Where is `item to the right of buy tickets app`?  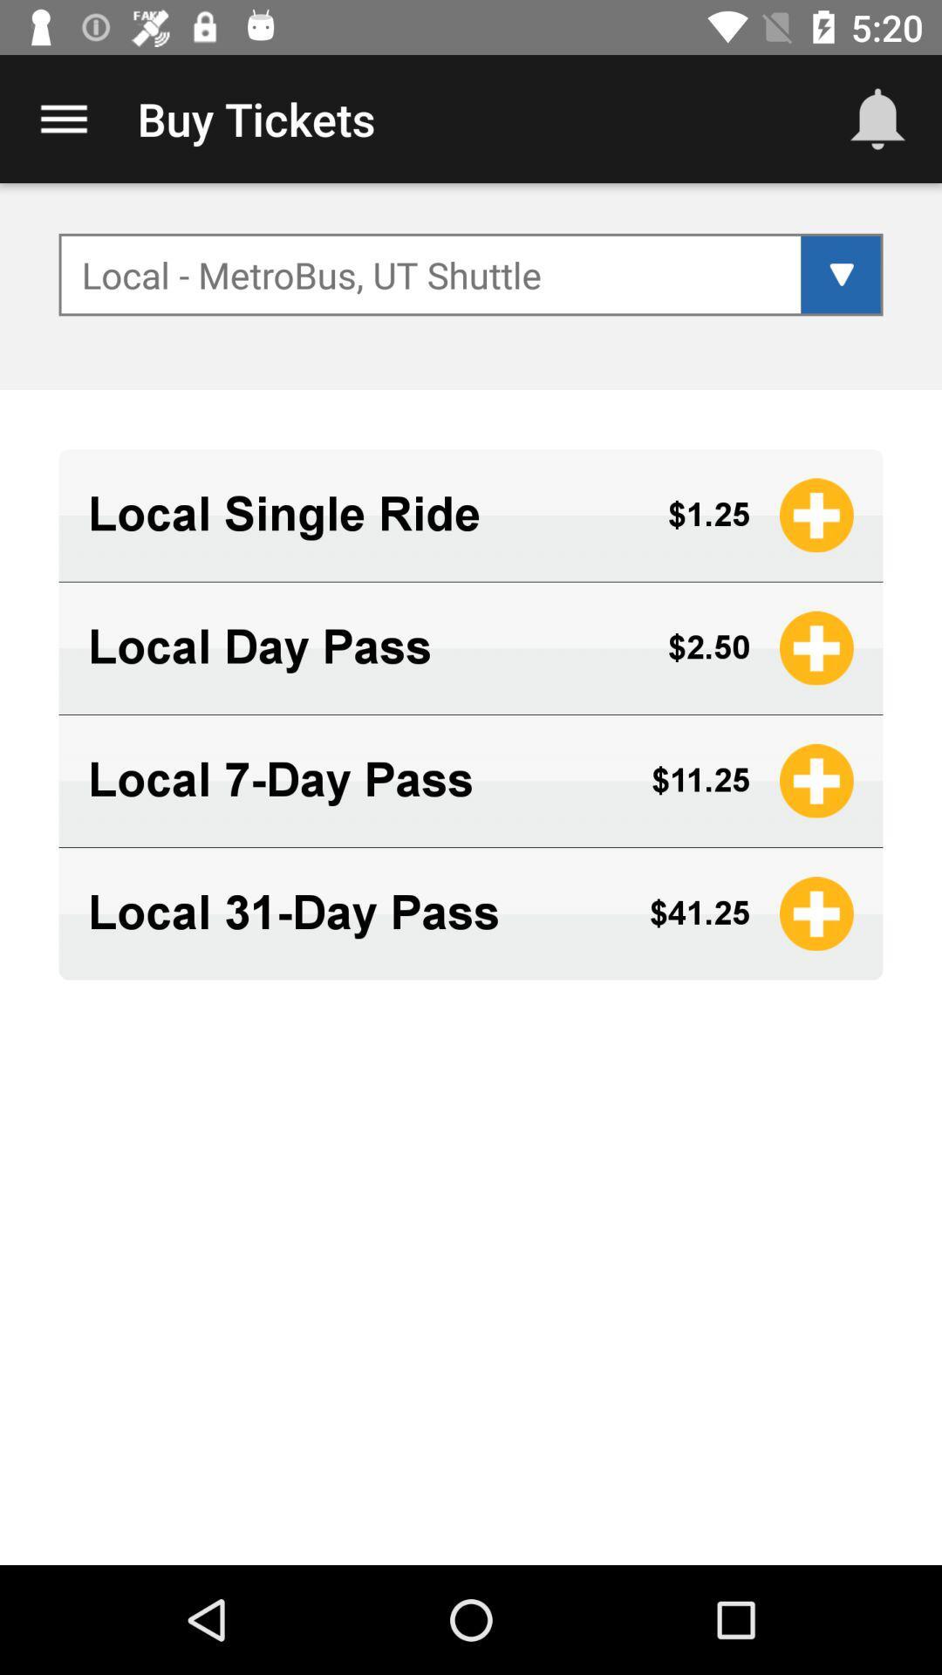
item to the right of buy tickets app is located at coordinates (877, 118).